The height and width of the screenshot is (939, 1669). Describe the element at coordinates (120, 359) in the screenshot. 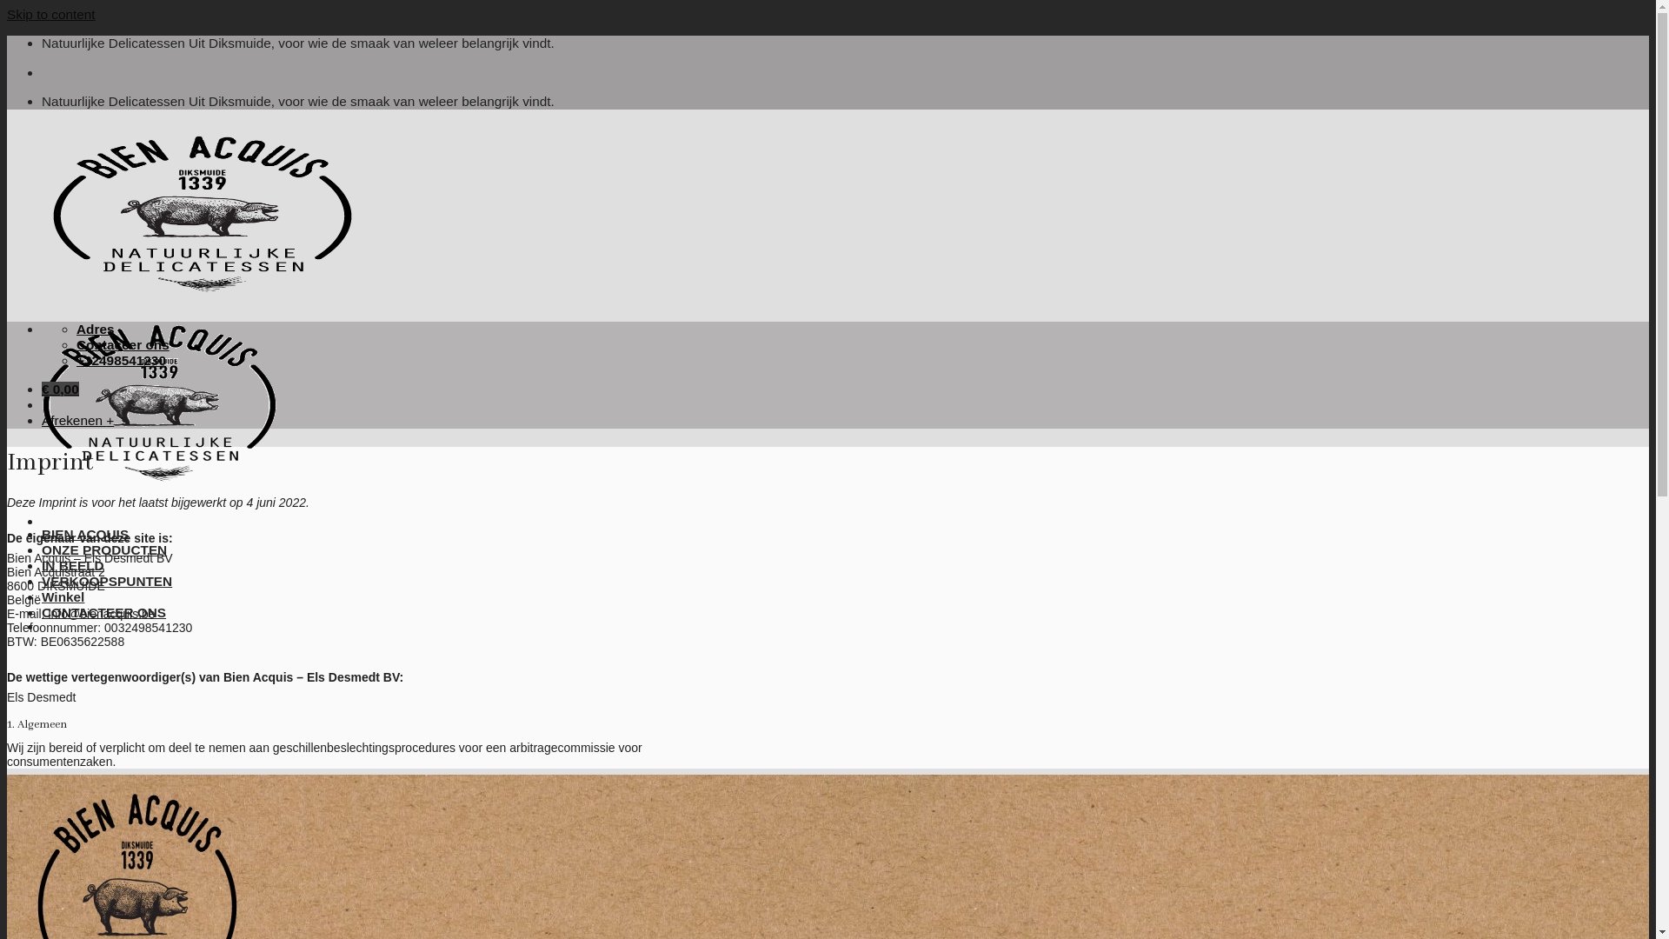

I see `'+32498541230'` at that location.